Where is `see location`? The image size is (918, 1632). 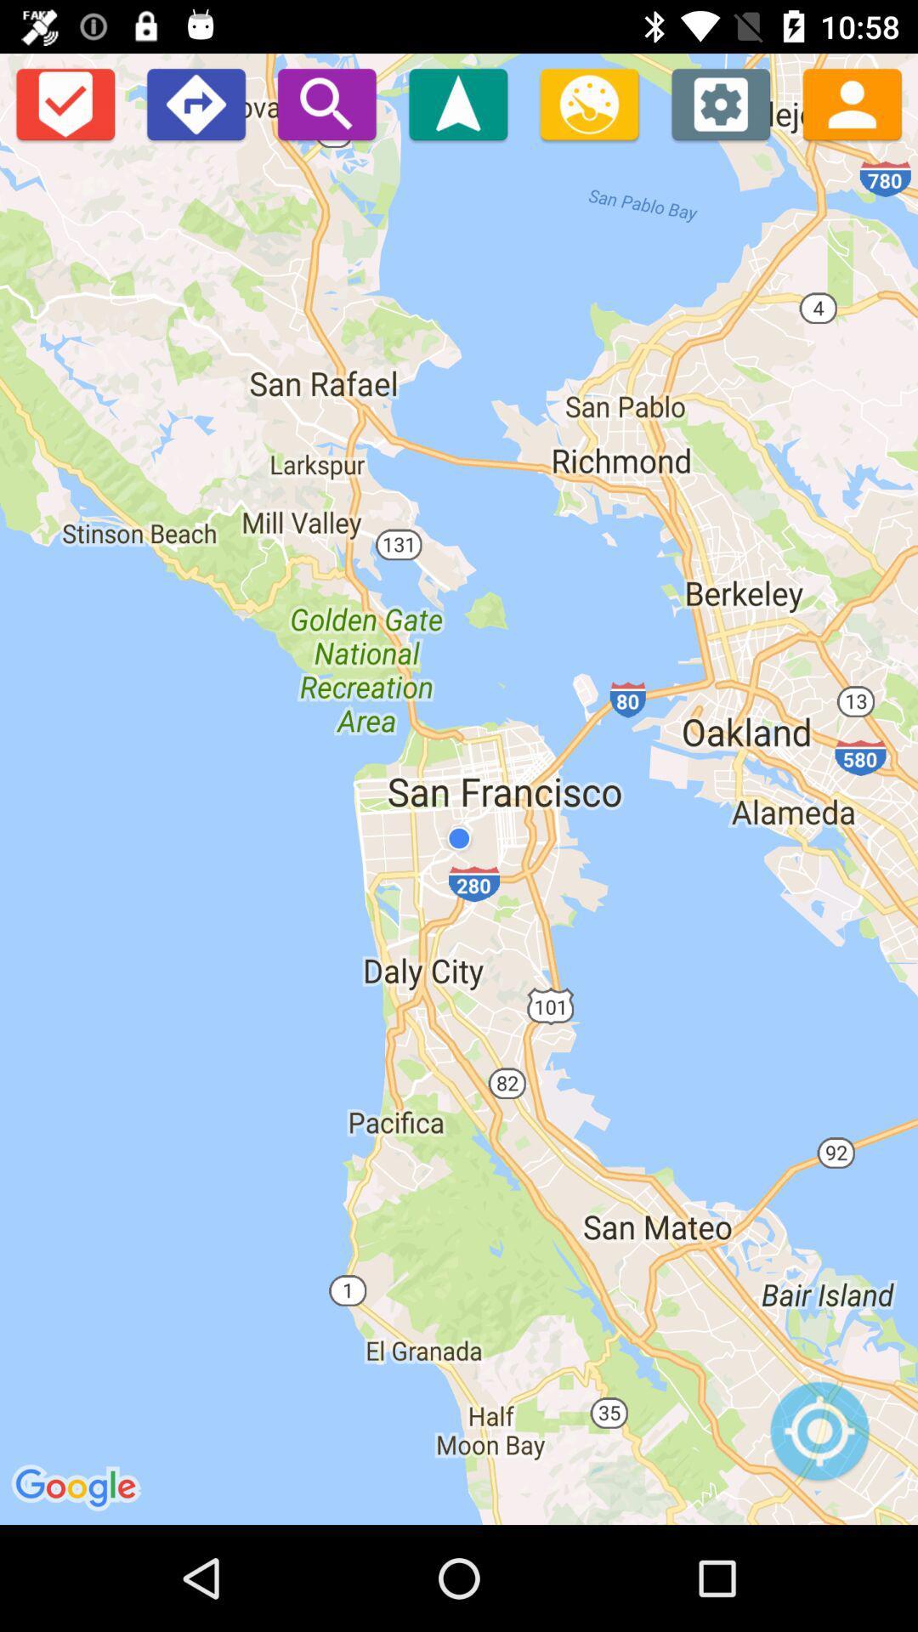
see location is located at coordinates (819, 1439).